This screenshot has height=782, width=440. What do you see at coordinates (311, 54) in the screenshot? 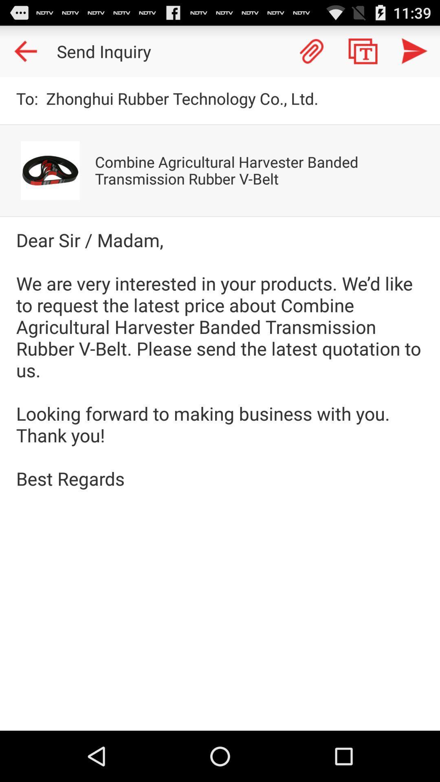
I see `the attach_file icon` at bounding box center [311, 54].